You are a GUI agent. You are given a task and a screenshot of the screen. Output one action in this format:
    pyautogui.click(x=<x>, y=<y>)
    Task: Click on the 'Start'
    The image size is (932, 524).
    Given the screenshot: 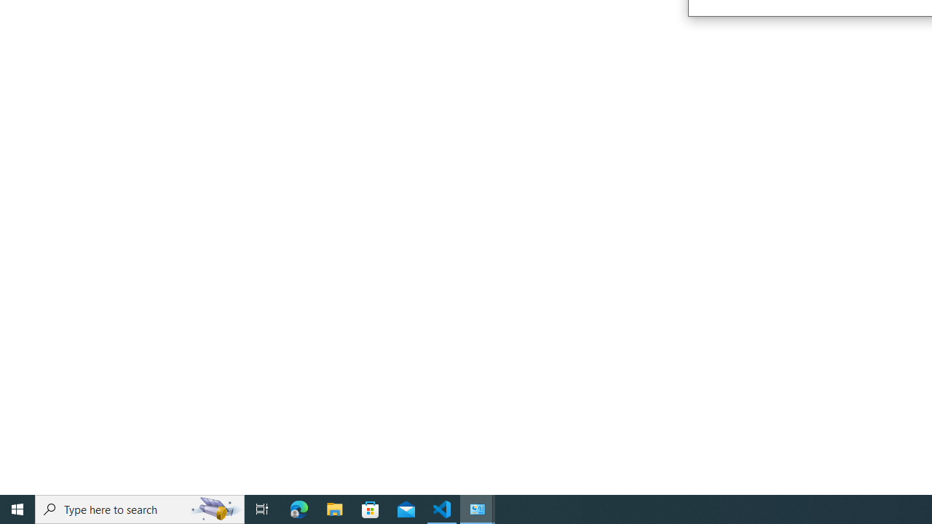 What is the action you would take?
    pyautogui.click(x=17, y=508)
    